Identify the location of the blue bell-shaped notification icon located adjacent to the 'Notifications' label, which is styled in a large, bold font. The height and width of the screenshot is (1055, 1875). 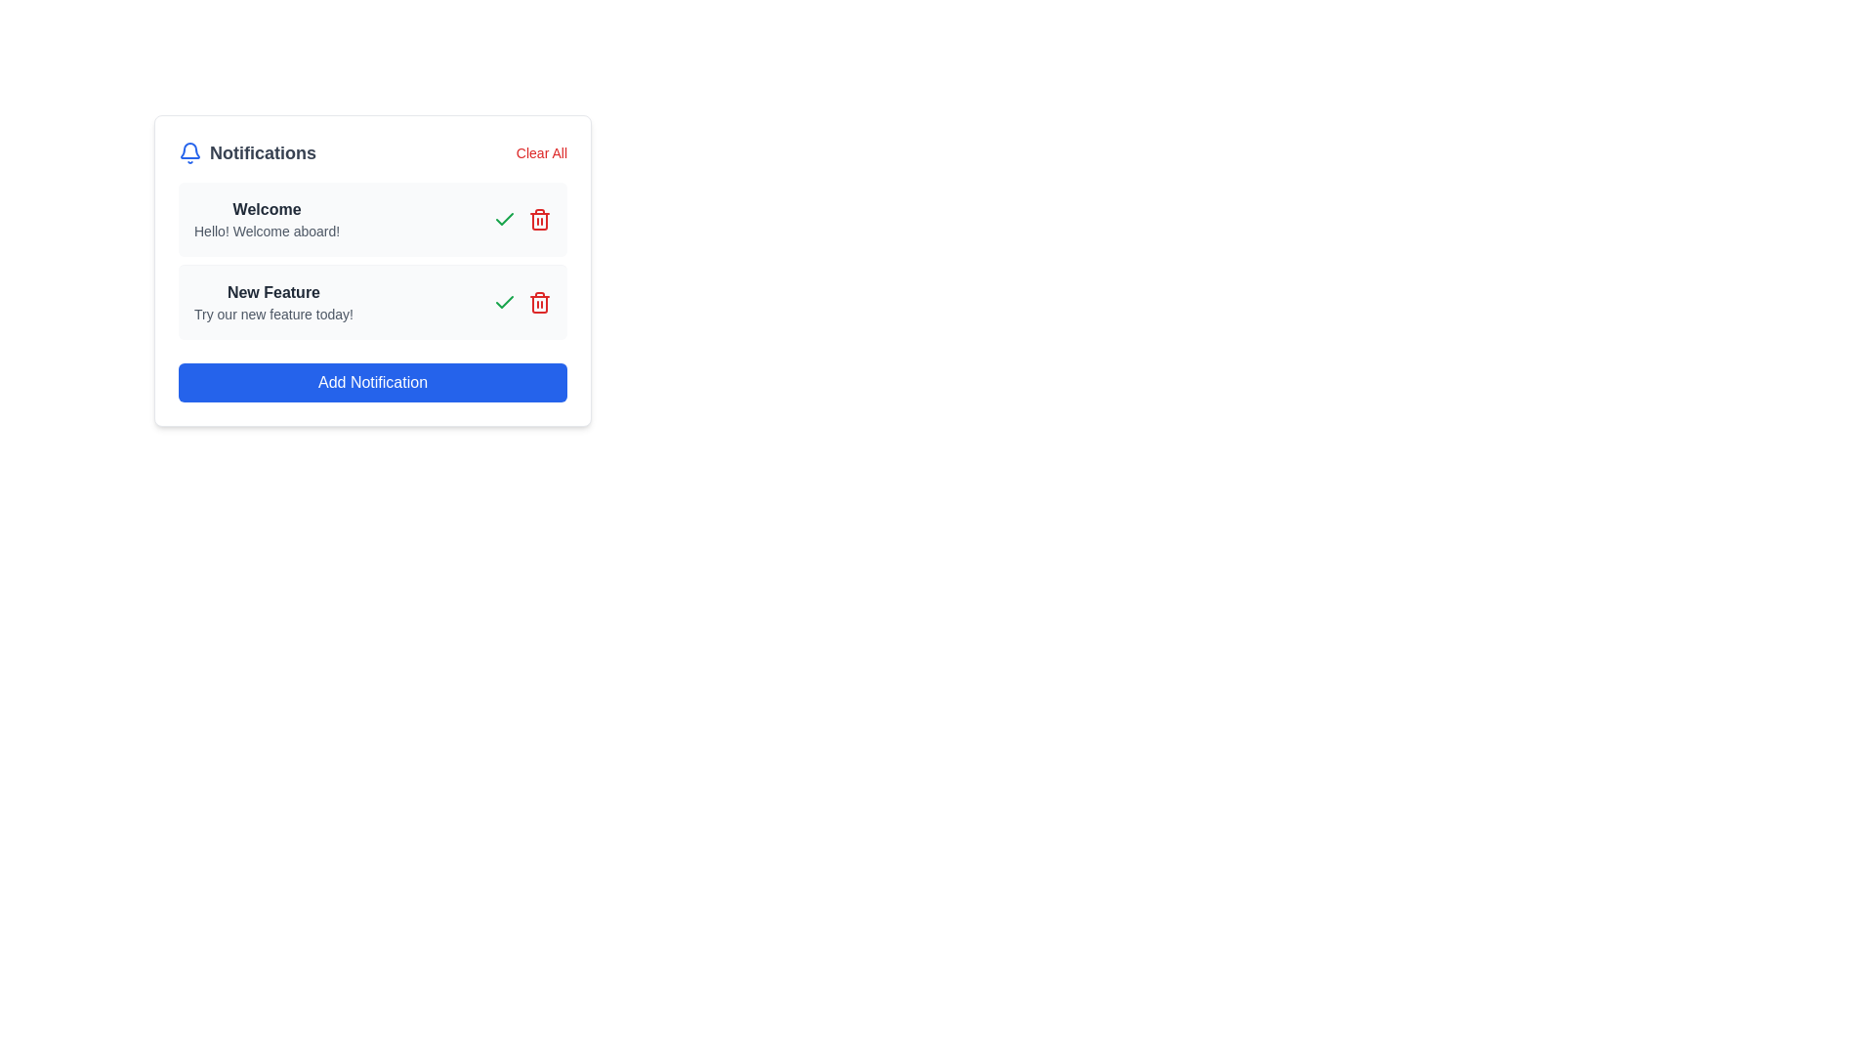
(190, 152).